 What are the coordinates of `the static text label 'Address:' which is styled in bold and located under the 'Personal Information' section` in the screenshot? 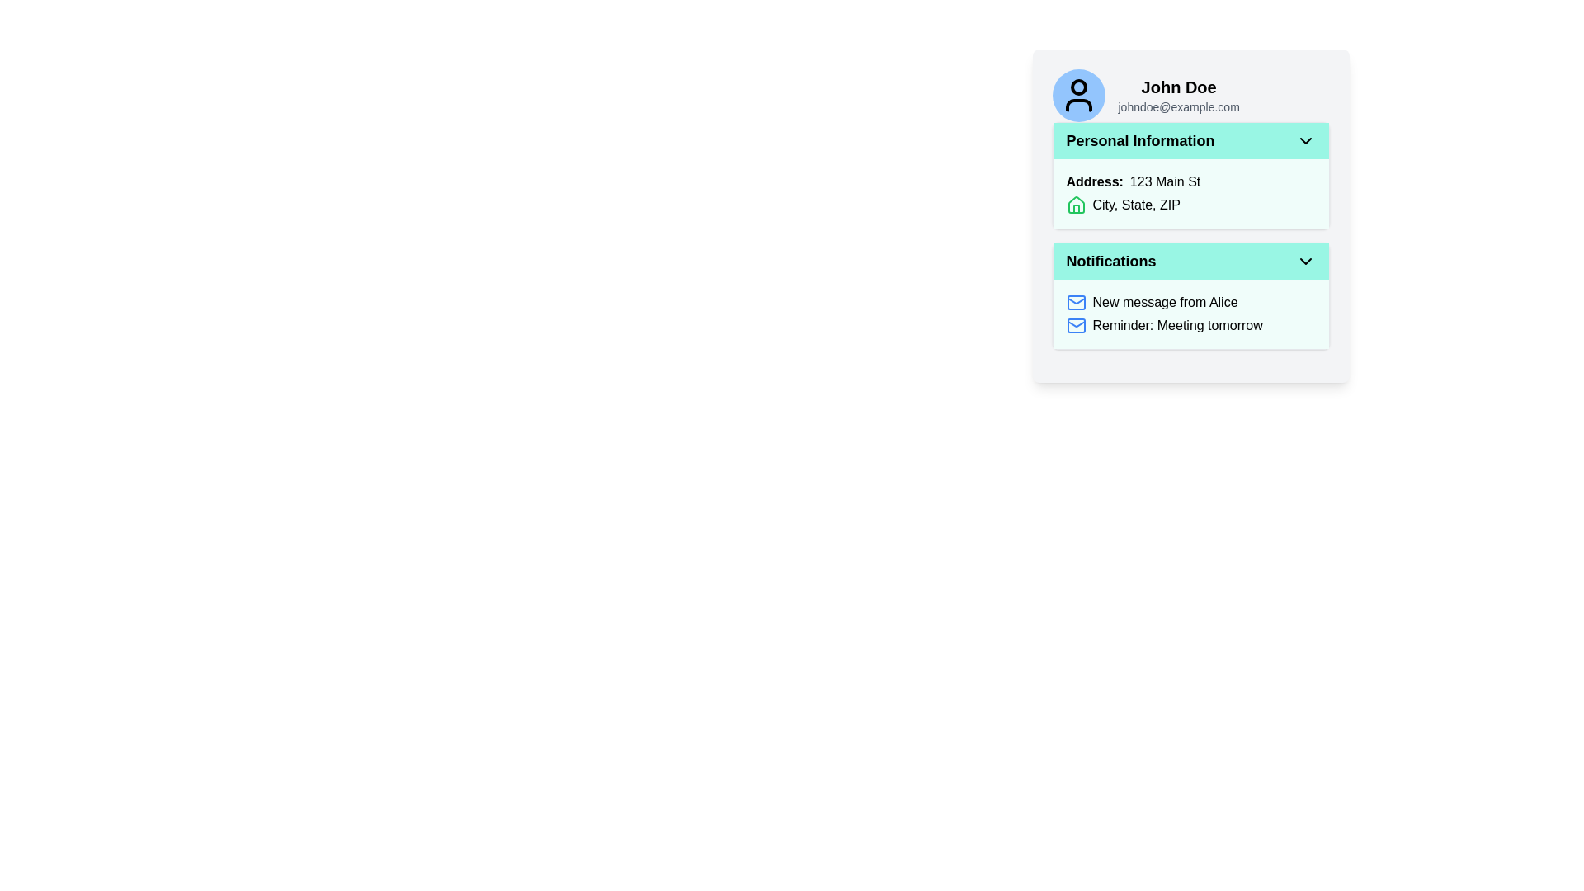 It's located at (1095, 181).